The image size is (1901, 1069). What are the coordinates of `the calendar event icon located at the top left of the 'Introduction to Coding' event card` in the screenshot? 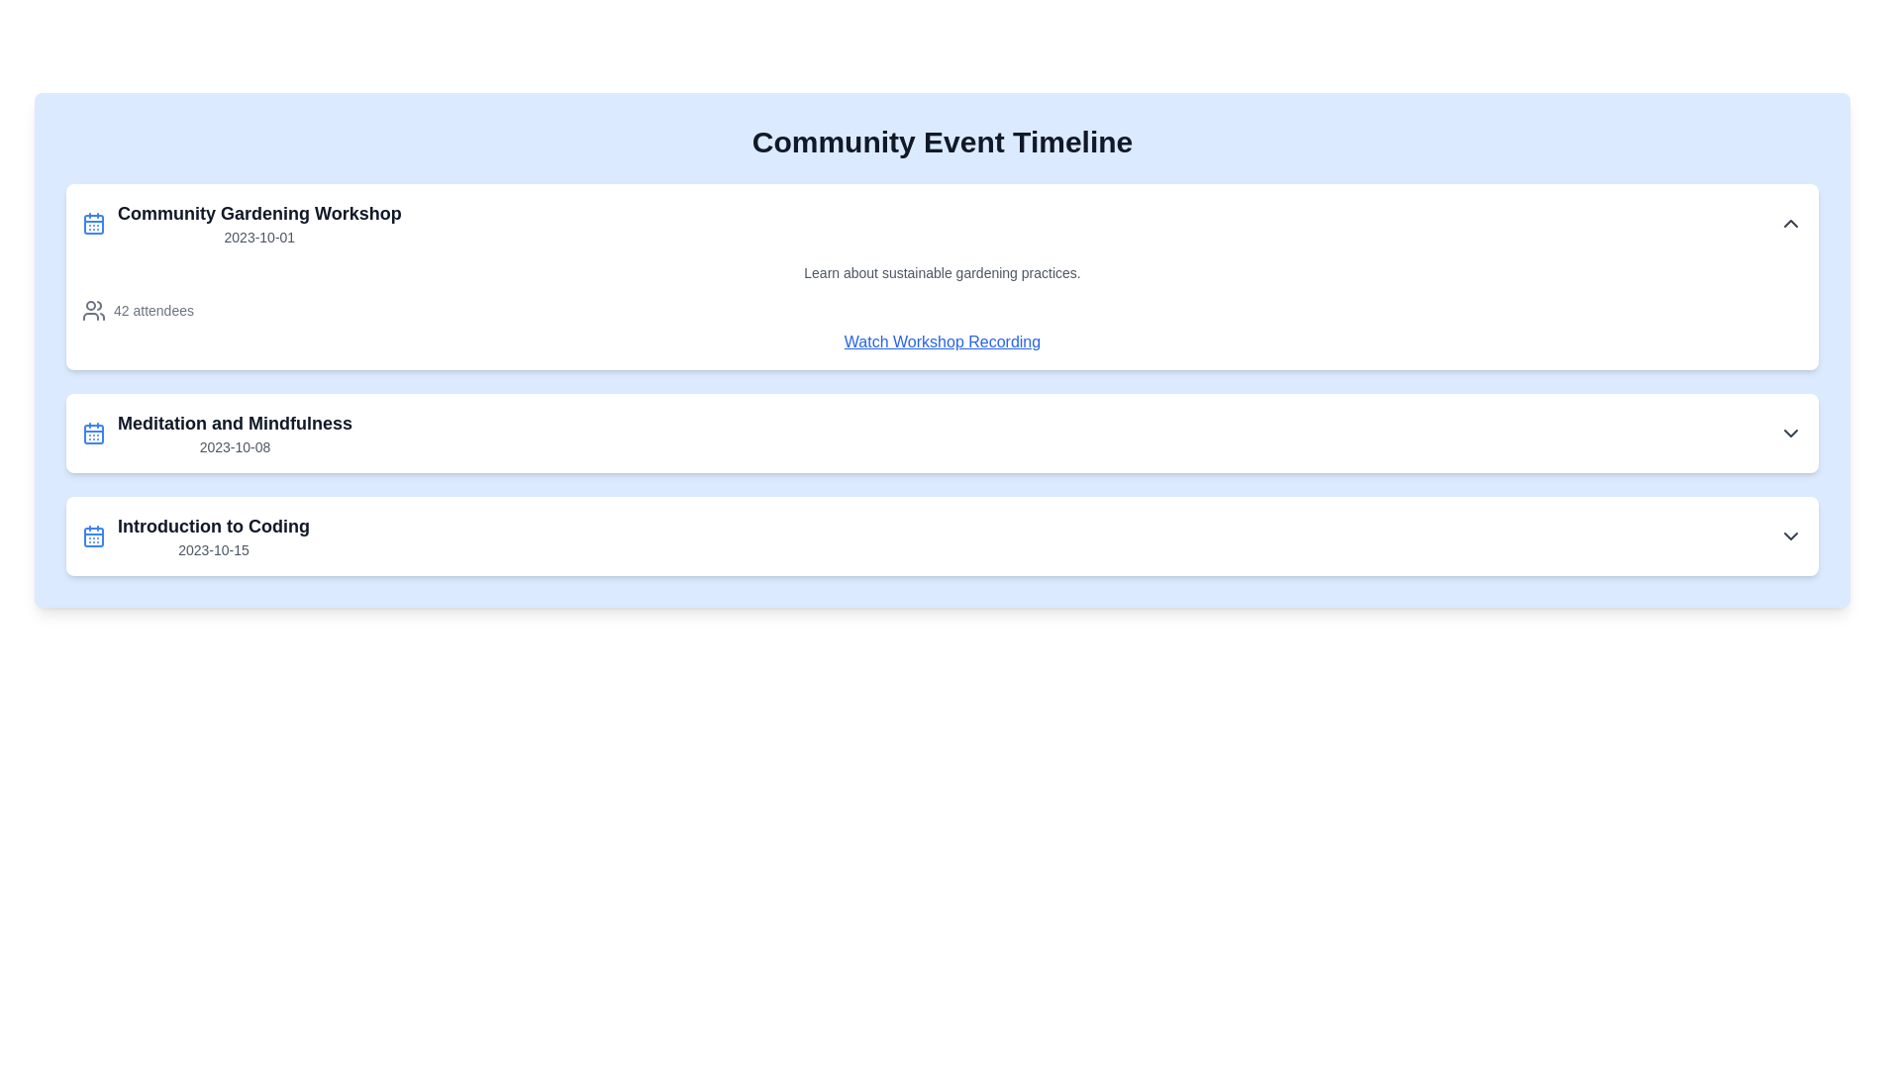 It's located at (93, 536).